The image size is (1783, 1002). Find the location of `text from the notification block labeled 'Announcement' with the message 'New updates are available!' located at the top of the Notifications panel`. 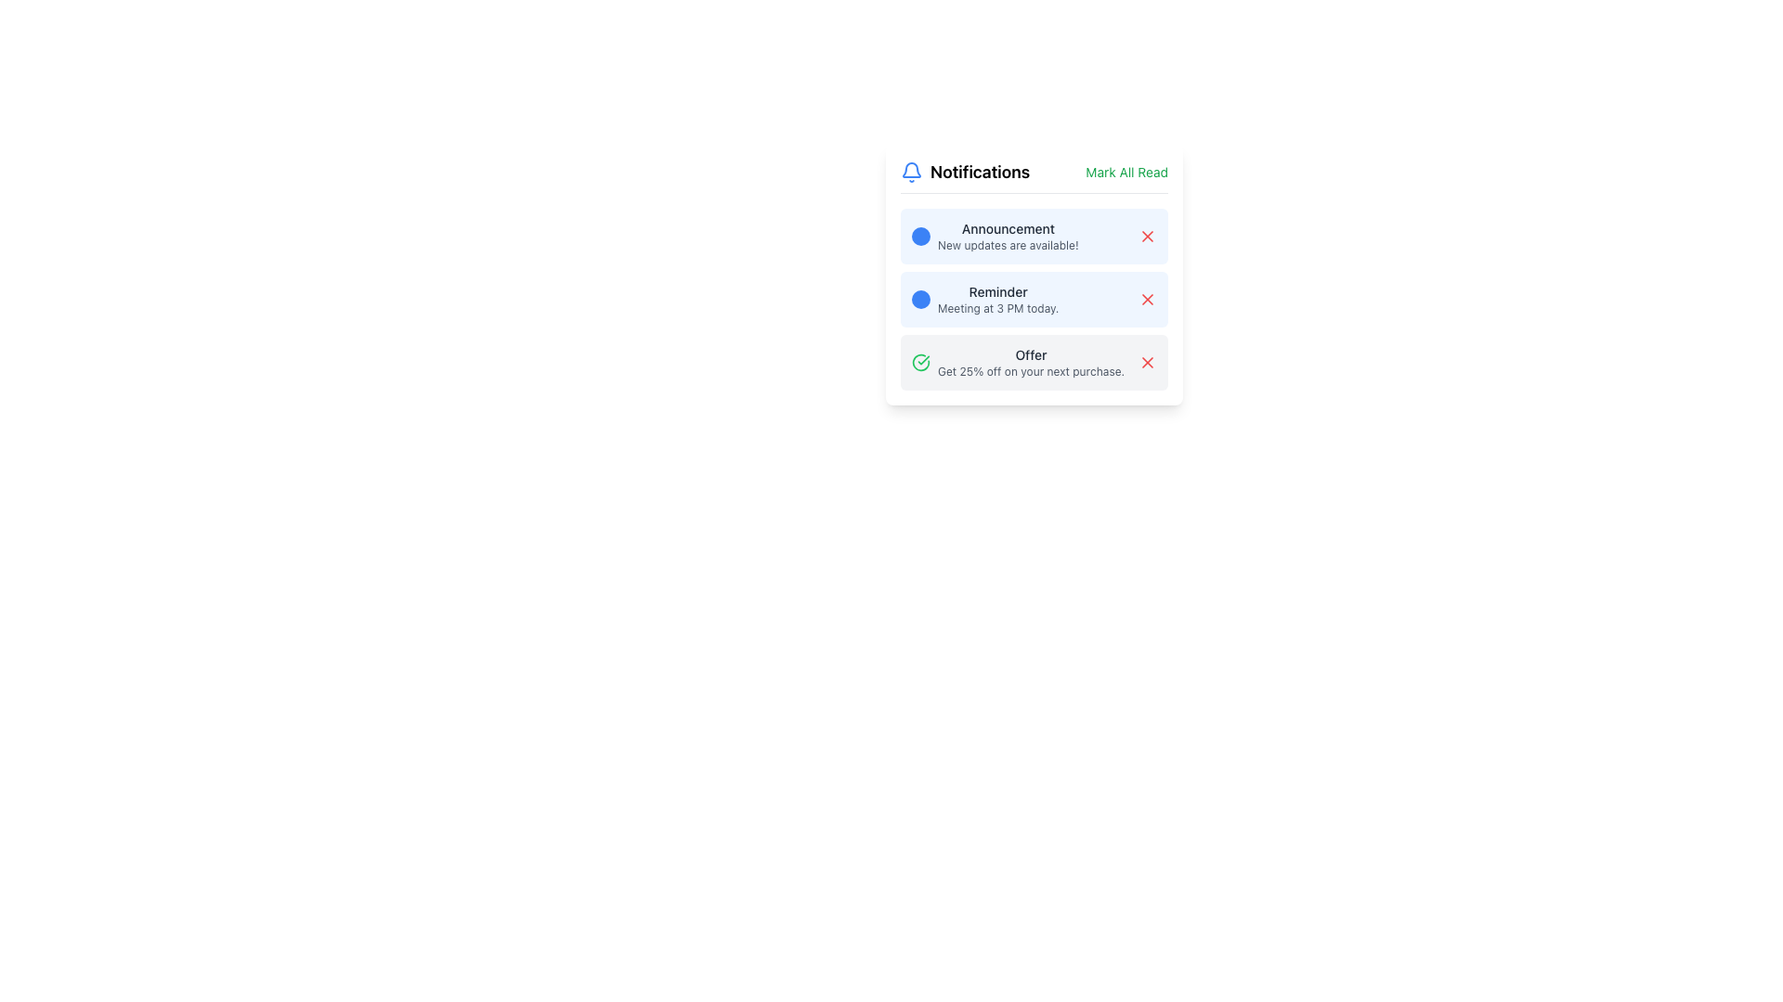

text from the notification block labeled 'Announcement' with the message 'New updates are available!' located at the top of the Notifications panel is located at coordinates (1007, 235).